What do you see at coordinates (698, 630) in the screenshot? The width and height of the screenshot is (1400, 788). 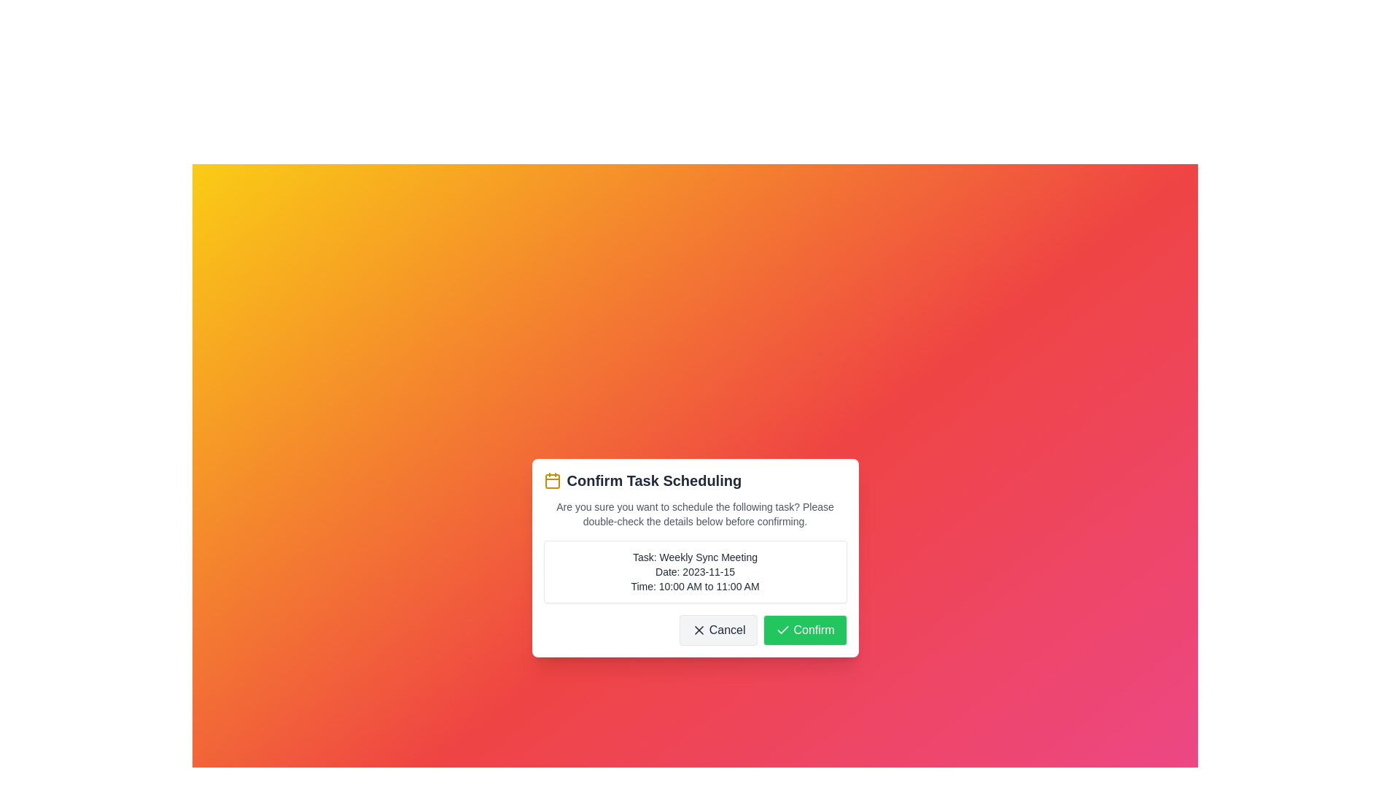 I see `the 'X' icon located within the 'Cancel' button in the dialog box` at bounding box center [698, 630].